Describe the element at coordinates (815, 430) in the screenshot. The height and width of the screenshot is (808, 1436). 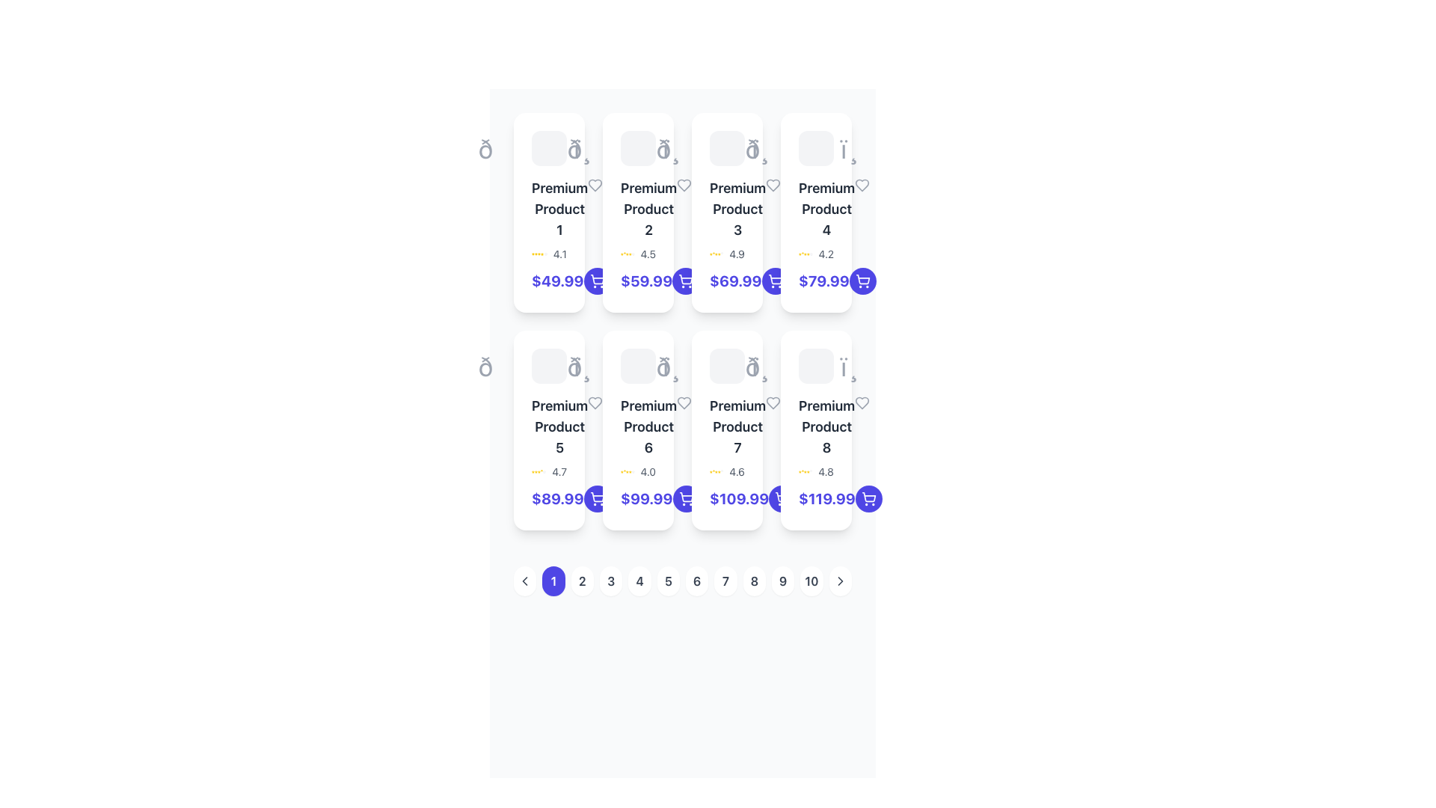
I see `the last product card in the second row of the grid` at that location.